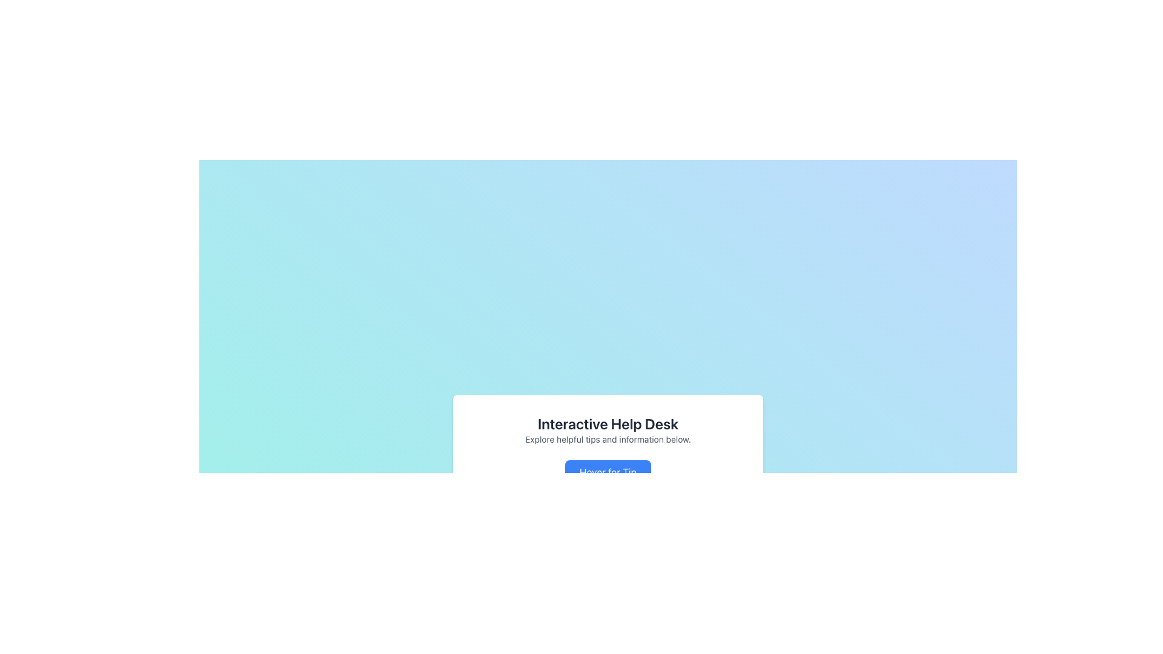  Describe the element at coordinates (608, 439) in the screenshot. I see `the Text Label located immediately below the title 'Interactive Help Desk', which provides guidance or context to the user` at that location.